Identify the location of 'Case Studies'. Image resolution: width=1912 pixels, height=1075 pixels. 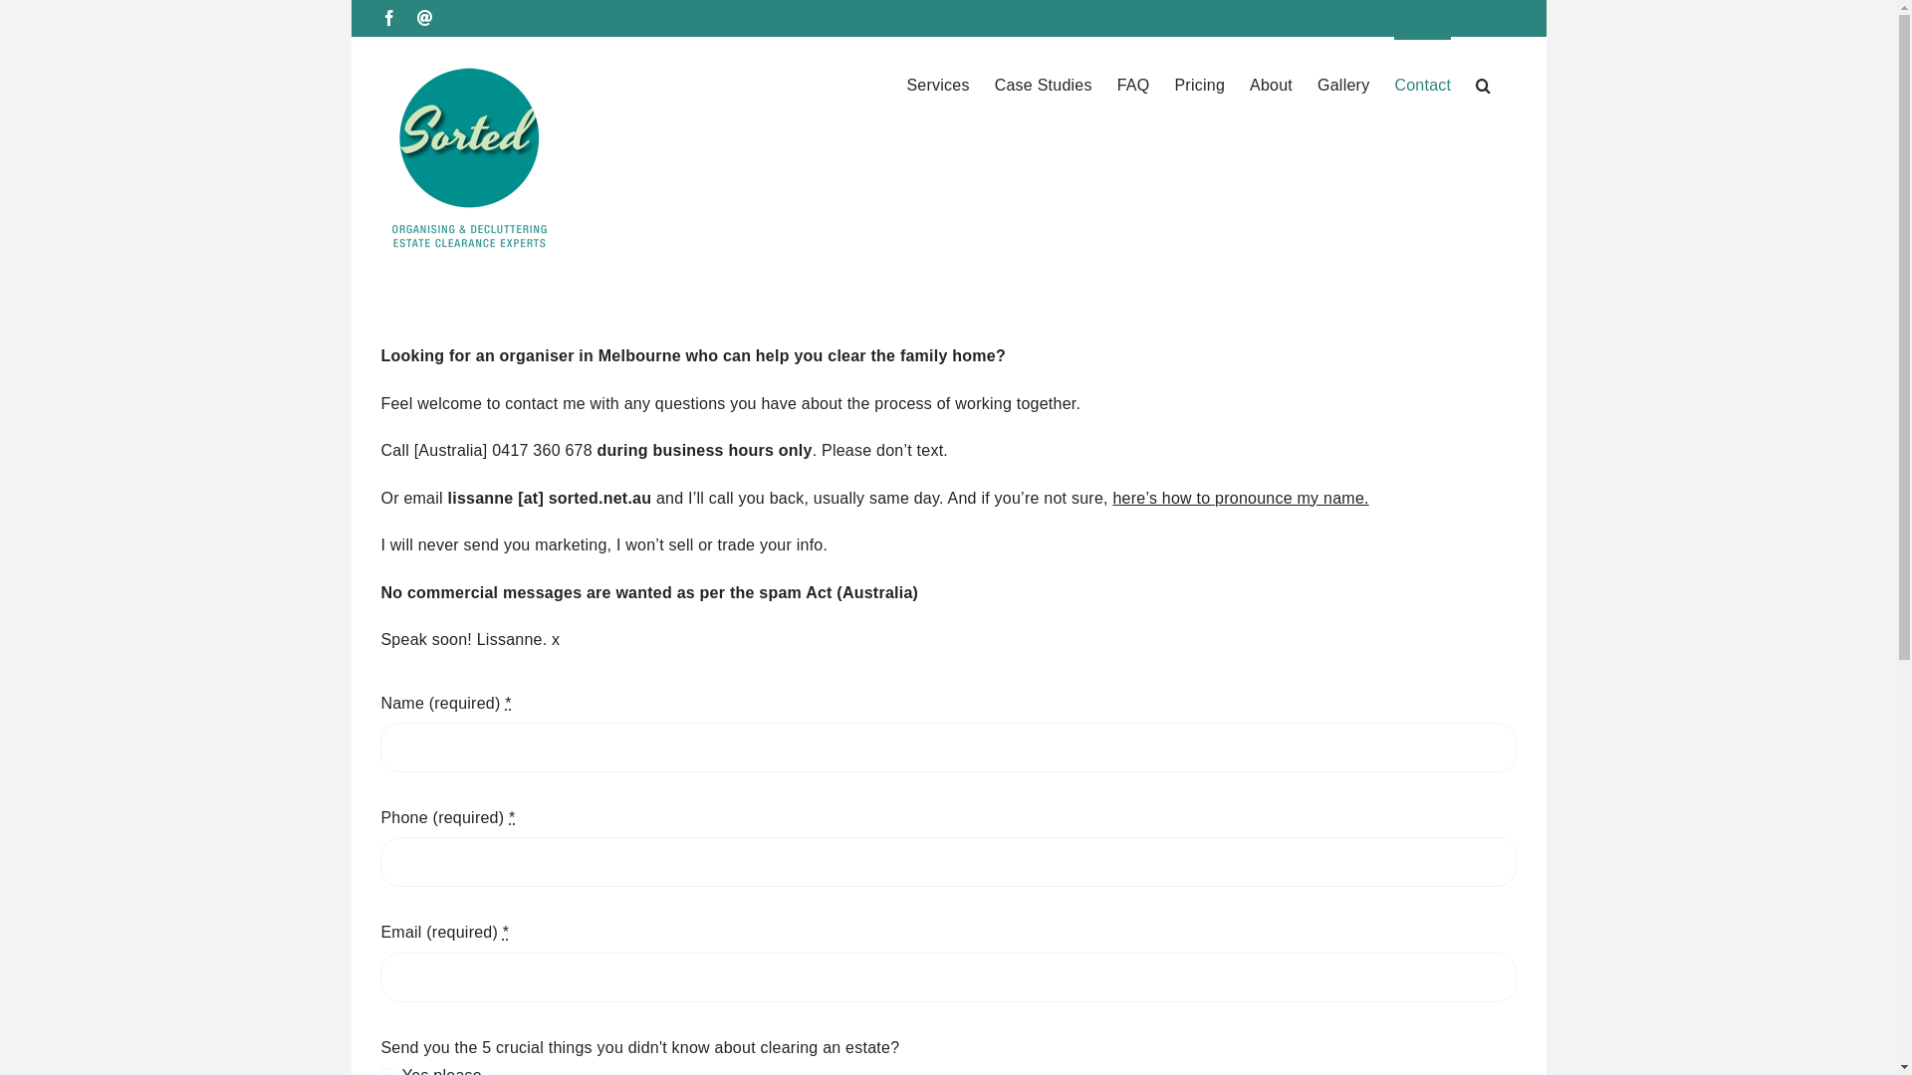
(1042, 83).